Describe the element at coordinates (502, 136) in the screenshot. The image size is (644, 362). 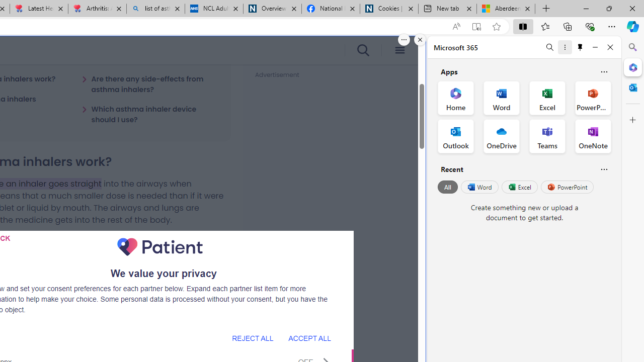
I see `'OneDrive Office App'` at that location.